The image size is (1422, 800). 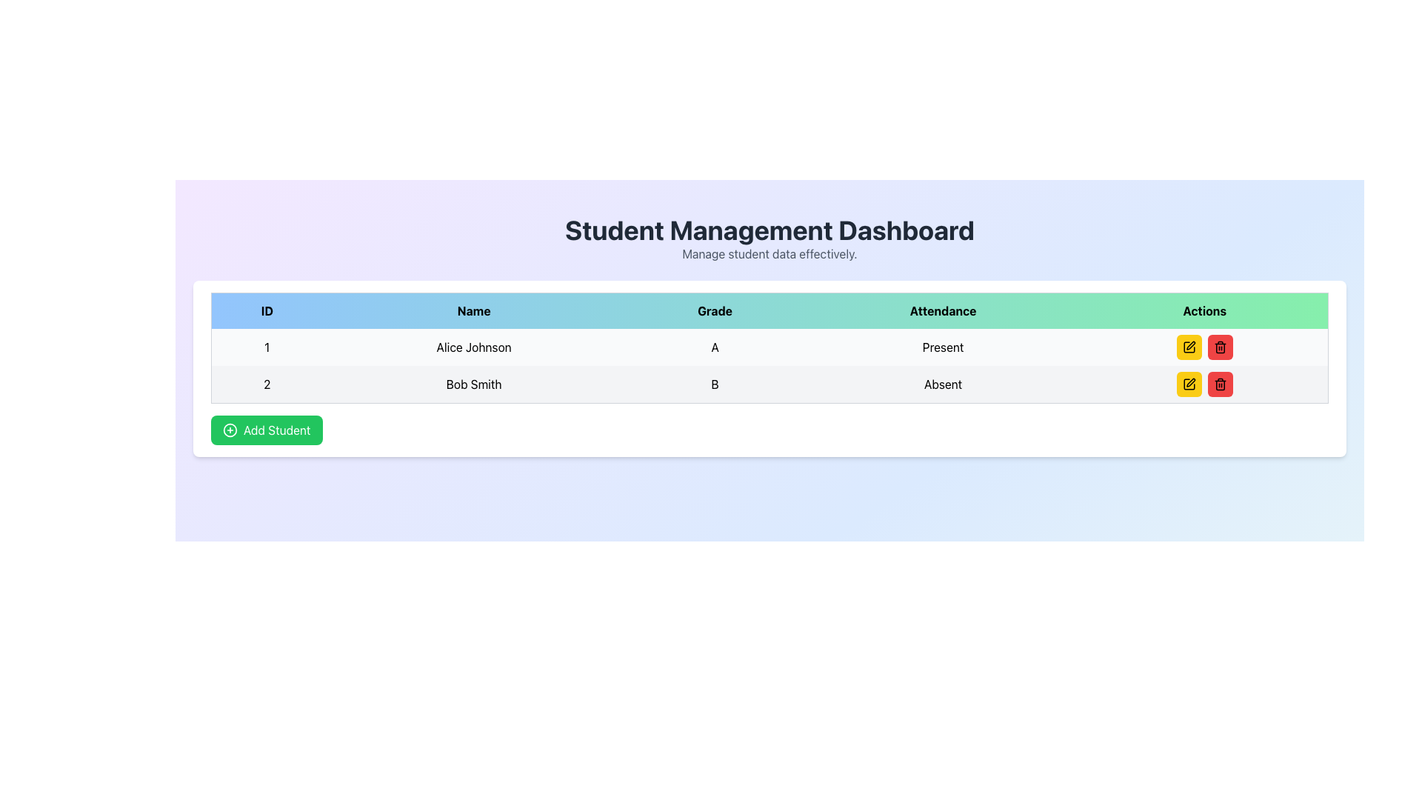 What do you see at coordinates (267, 384) in the screenshot?
I see `the cell displaying the value '2' in the second row of the table under the 'ID' column` at bounding box center [267, 384].